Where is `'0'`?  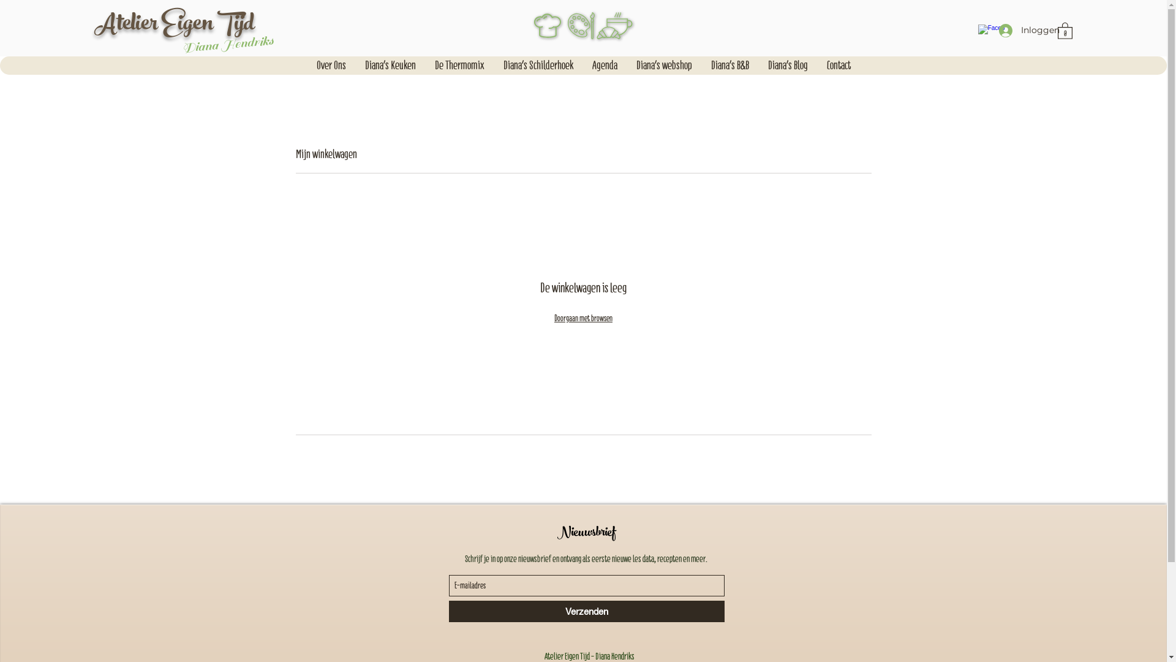
'0' is located at coordinates (1057, 29).